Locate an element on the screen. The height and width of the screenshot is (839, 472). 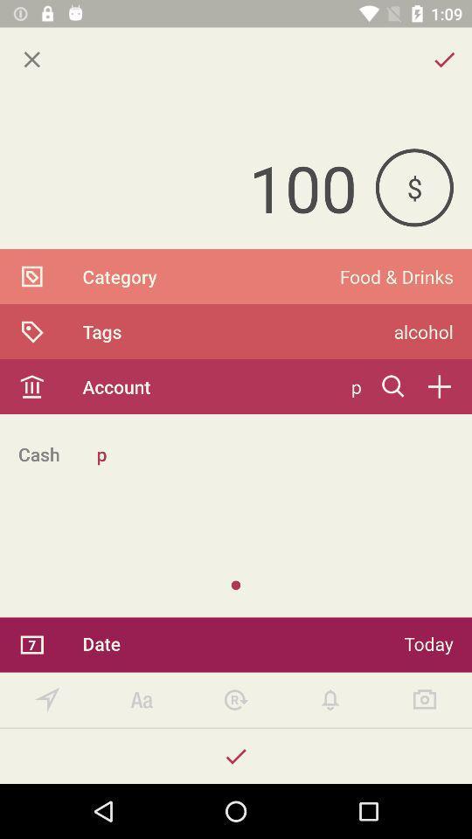
notifications is located at coordinates (330, 700).